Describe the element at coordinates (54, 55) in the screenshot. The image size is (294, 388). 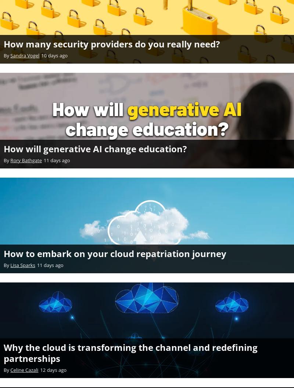
I see `'10 days ago'` at that location.